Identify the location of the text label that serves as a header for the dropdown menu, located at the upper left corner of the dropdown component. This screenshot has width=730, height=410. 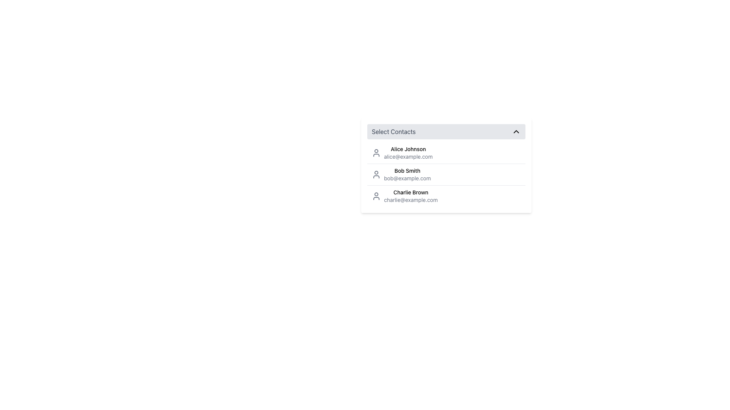
(394, 131).